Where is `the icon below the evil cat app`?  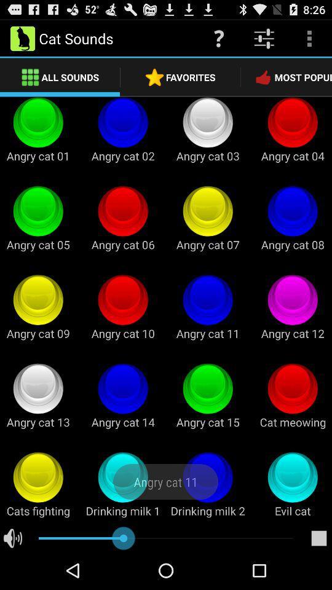 the icon below the evil cat app is located at coordinates (318, 538).